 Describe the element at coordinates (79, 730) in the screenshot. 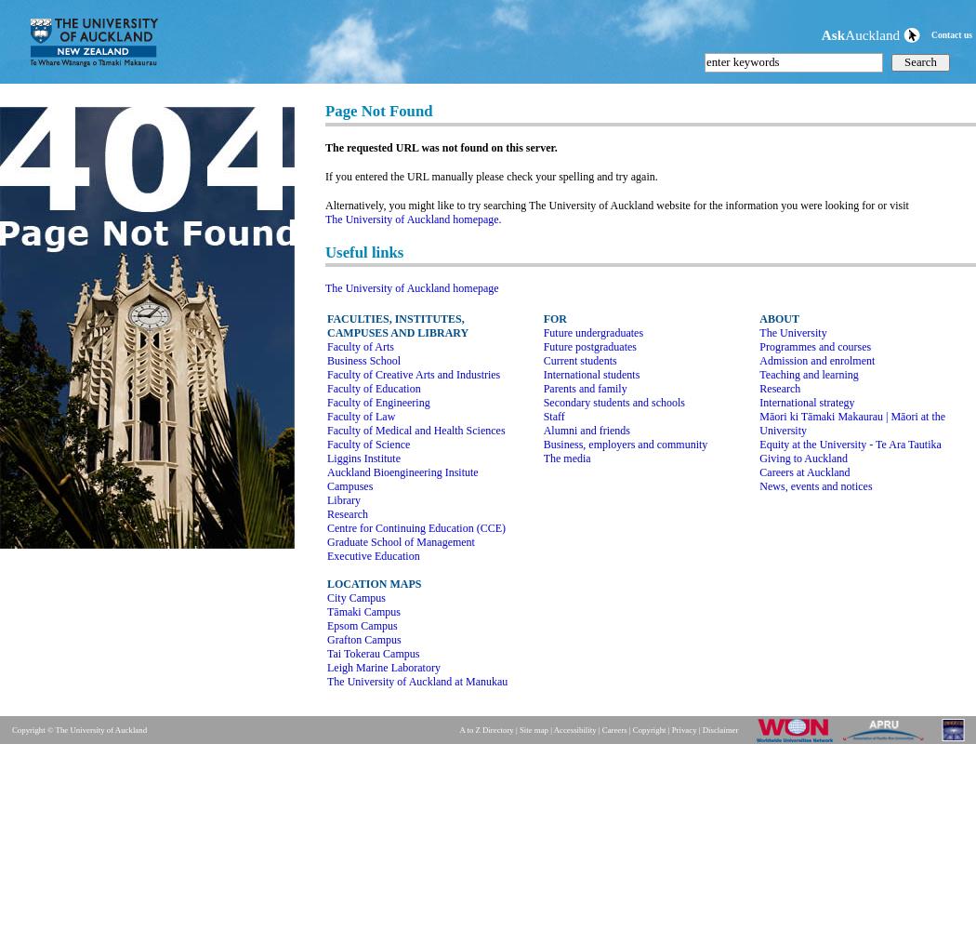

I see `'Copyright © The University of Auckland'` at that location.